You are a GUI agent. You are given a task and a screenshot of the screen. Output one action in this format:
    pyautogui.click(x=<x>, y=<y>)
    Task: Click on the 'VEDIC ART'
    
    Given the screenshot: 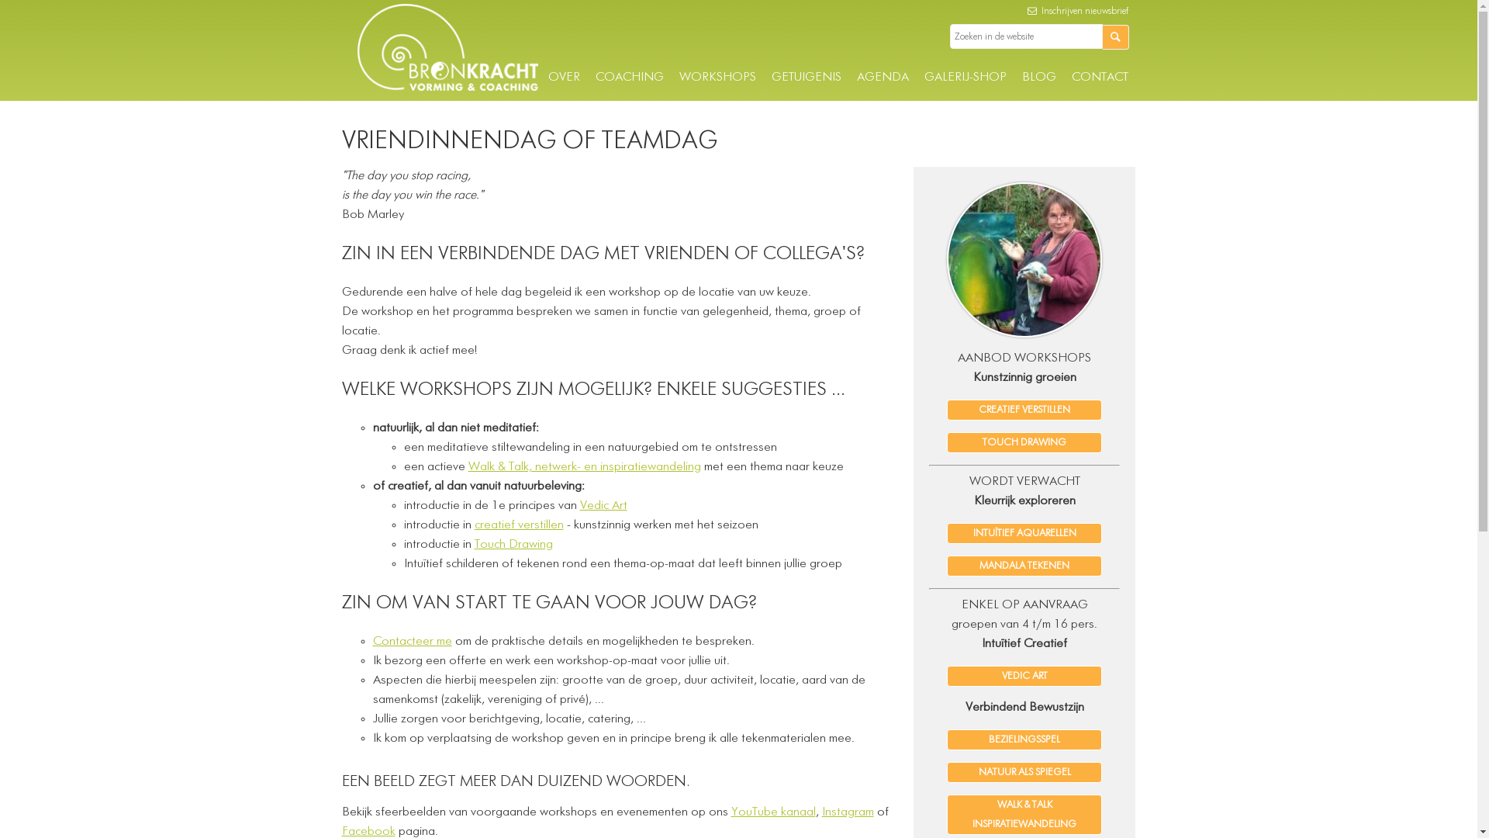 What is the action you would take?
    pyautogui.click(x=1024, y=675)
    